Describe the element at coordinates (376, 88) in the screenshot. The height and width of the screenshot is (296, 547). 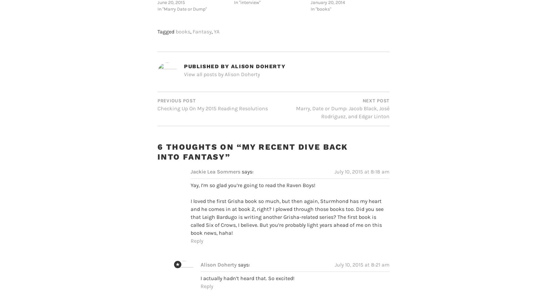
I see `'Next Post'` at that location.